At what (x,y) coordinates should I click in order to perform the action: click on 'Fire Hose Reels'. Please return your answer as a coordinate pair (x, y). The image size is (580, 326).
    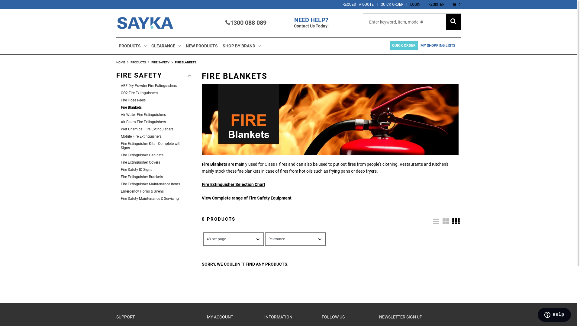
    Looking at the image, I should click on (156, 100).